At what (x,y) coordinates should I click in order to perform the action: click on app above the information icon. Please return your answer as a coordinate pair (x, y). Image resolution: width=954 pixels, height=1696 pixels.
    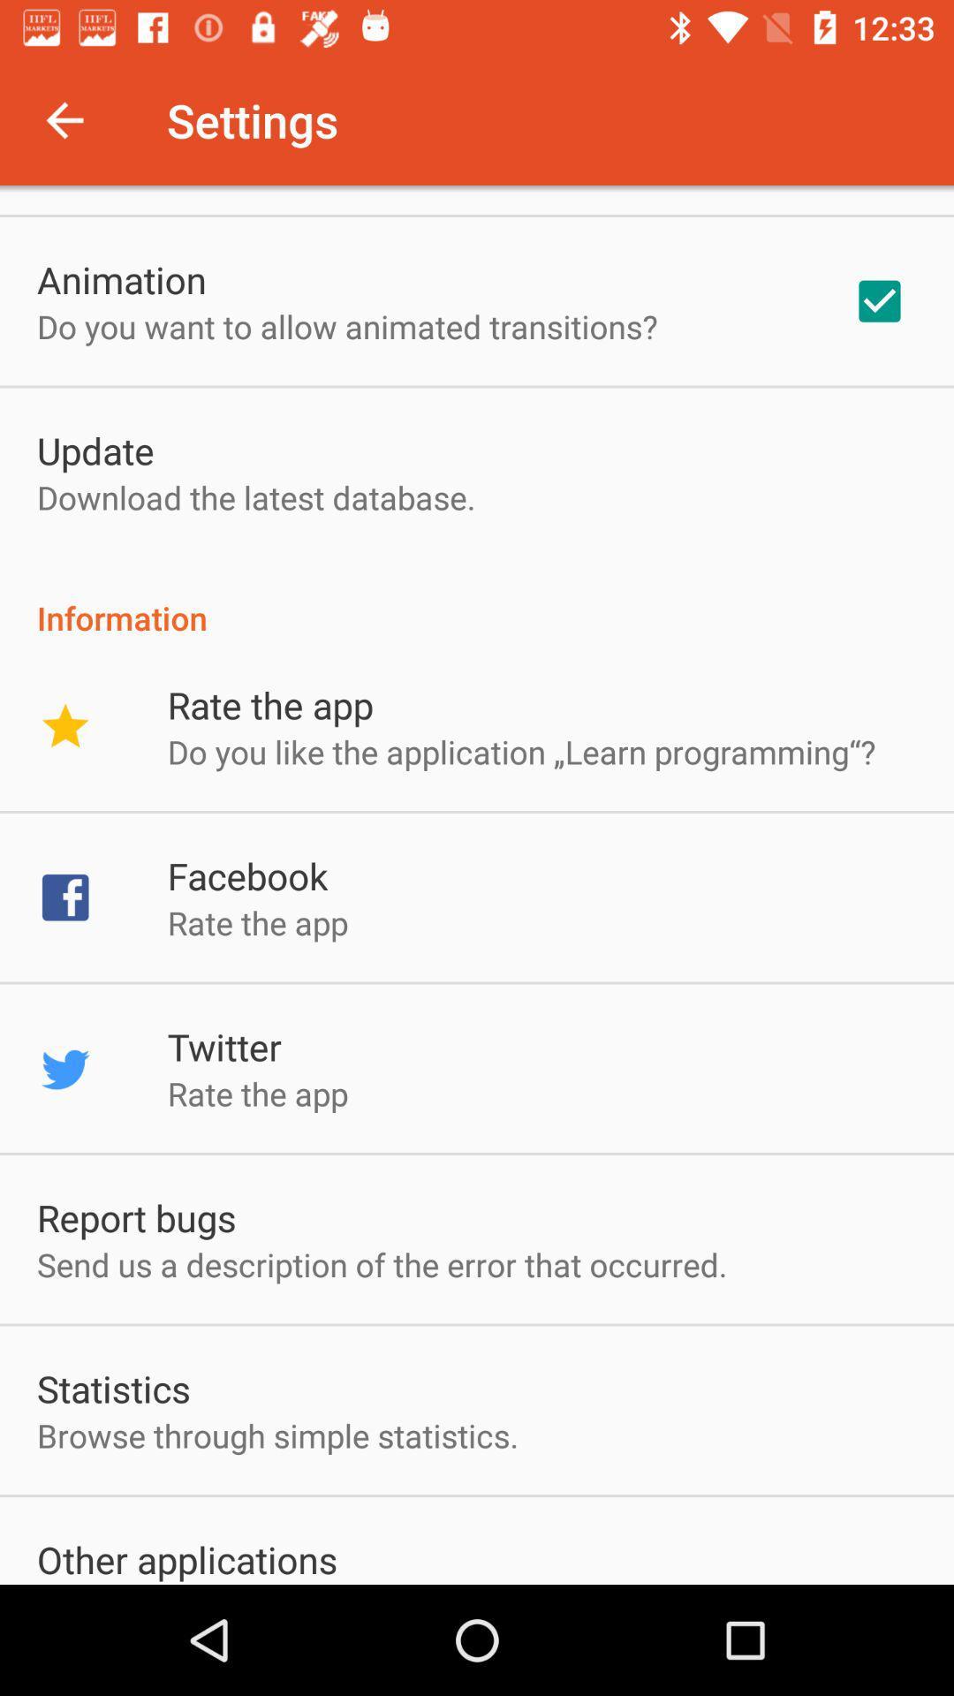
    Looking at the image, I should click on (879, 301).